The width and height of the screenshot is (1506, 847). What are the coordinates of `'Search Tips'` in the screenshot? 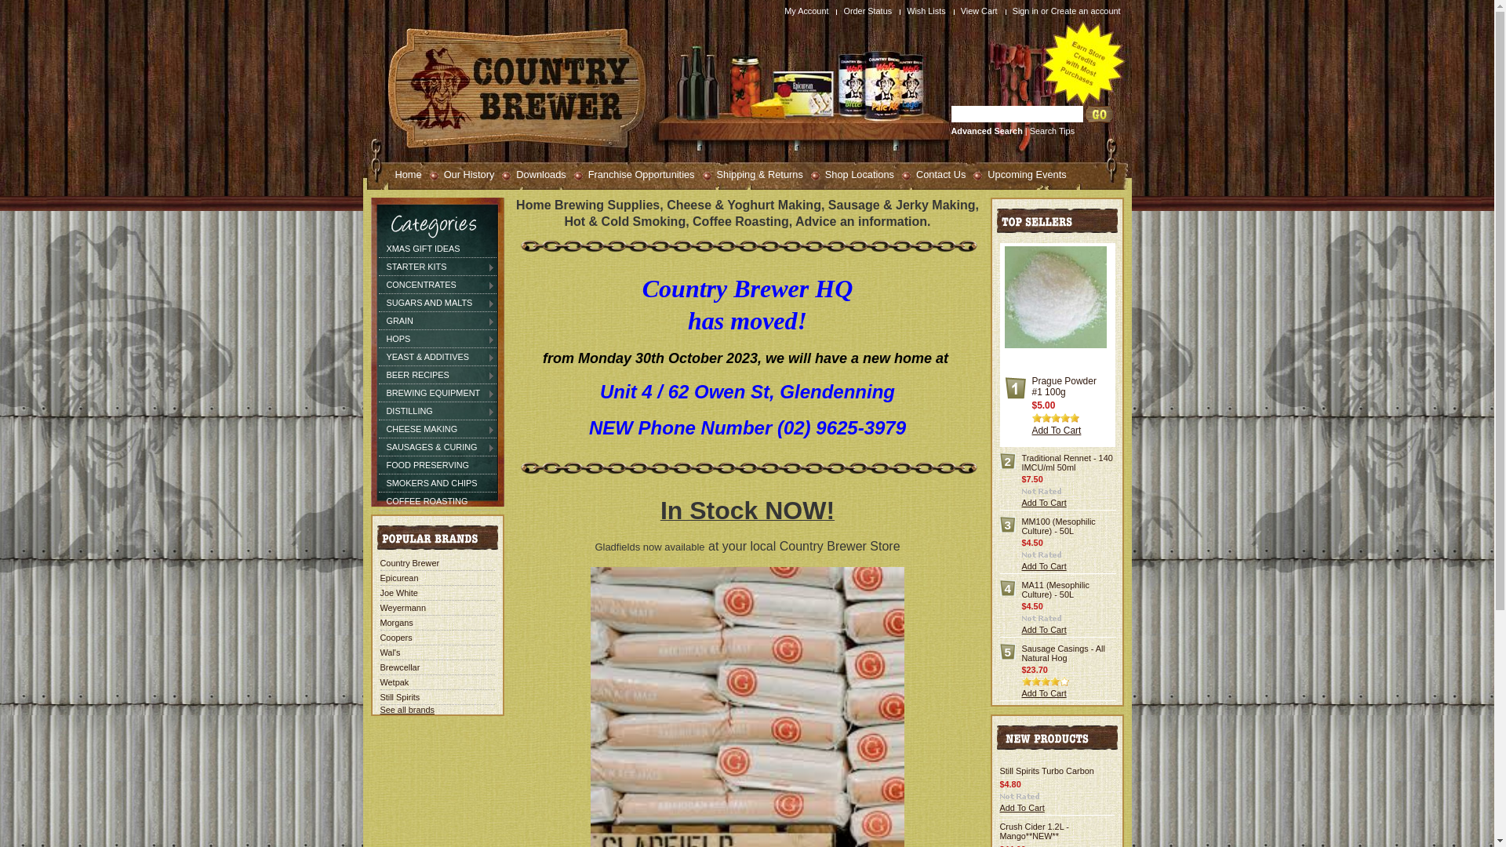 It's located at (1052, 129).